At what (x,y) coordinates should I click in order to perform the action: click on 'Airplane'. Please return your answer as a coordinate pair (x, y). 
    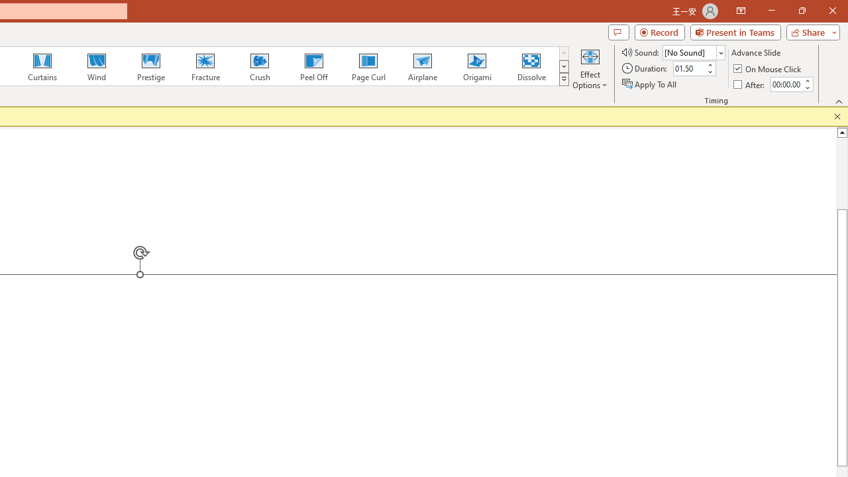
    Looking at the image, I should click on (421, 66).